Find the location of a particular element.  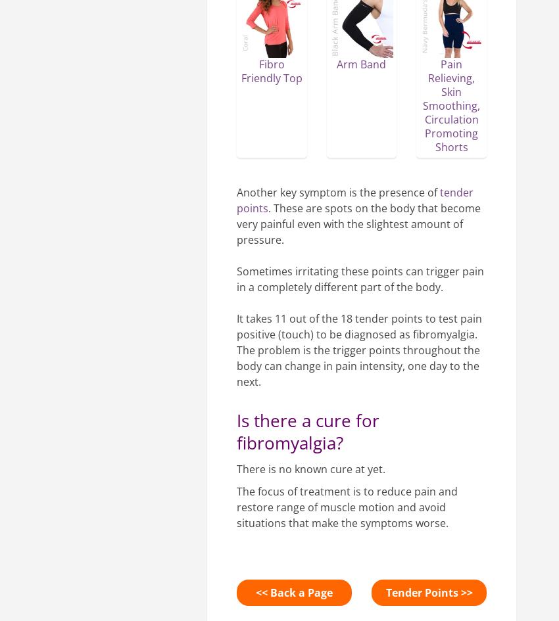

'. These are spots on the body that become very painful even with the slightest amount of pressure.' is located at coordinates (358, 223).